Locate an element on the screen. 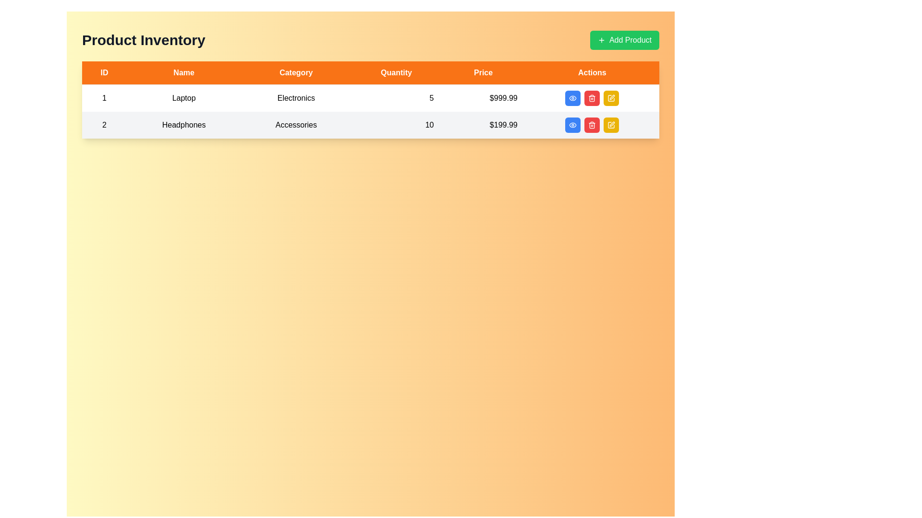 The image size is (922, 518). the delete button located in the 'Actions' column next to the second row of data in the table is located at coordinates (592, 125).